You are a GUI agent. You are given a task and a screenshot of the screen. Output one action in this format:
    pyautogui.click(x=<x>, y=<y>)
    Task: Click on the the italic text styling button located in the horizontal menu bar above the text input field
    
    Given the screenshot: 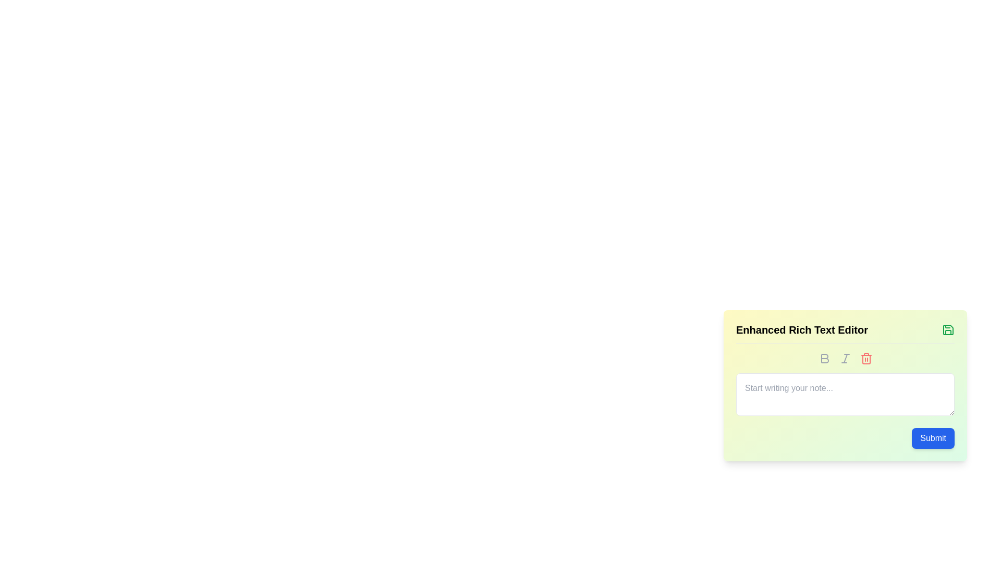 What is the action you would take?
    pyautogui.click(x=845, y=358)
    